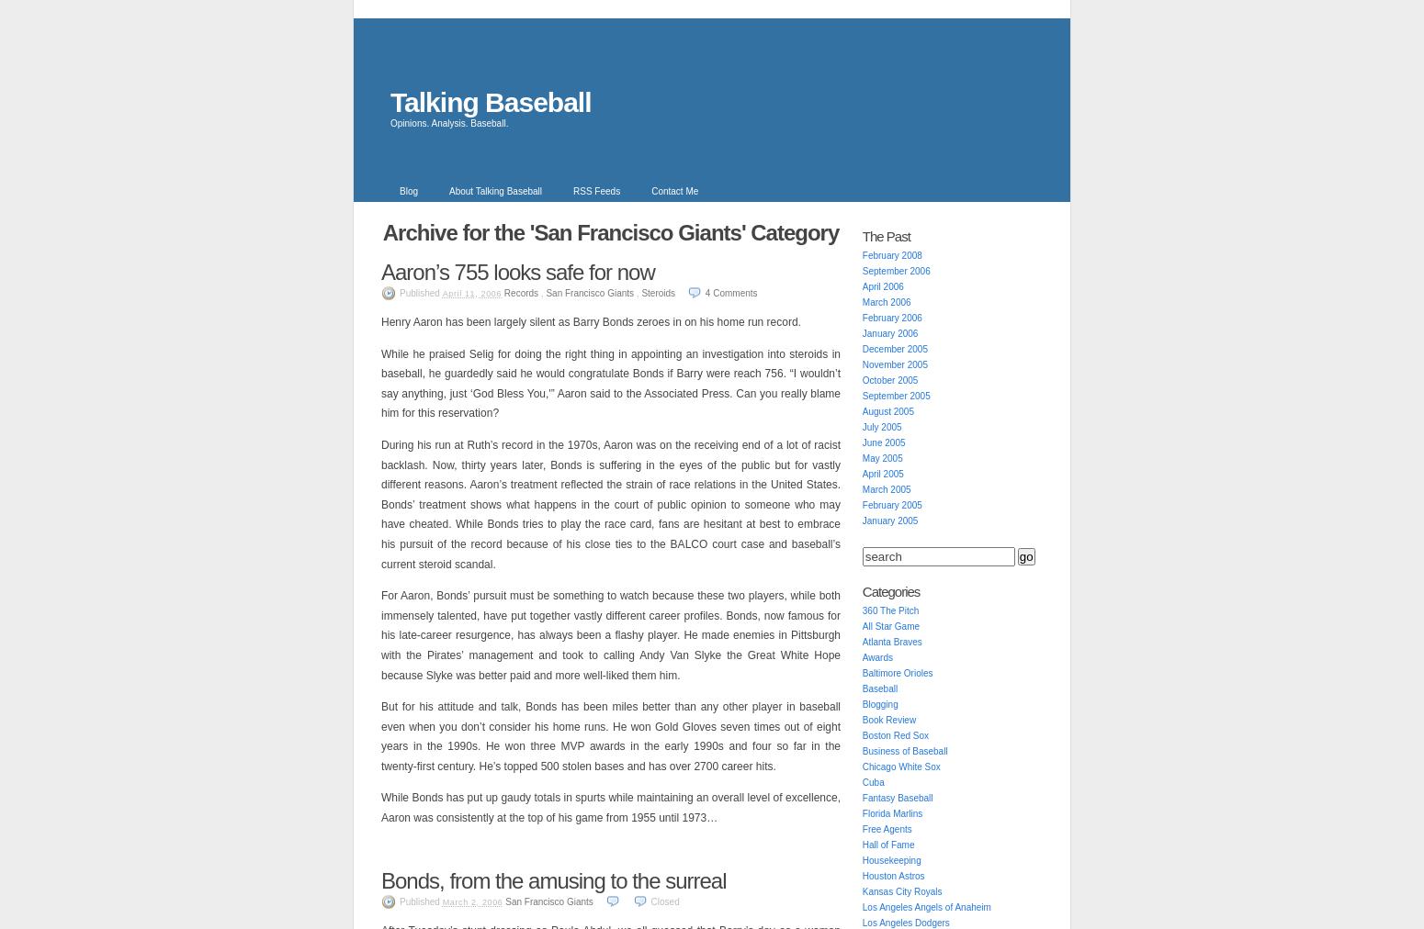 Image resolution: width=1424 pixels, height=929 pixels. Describe the element at coordinates (890, 504) in the screenshot. I see `'February 2005'` at that location.